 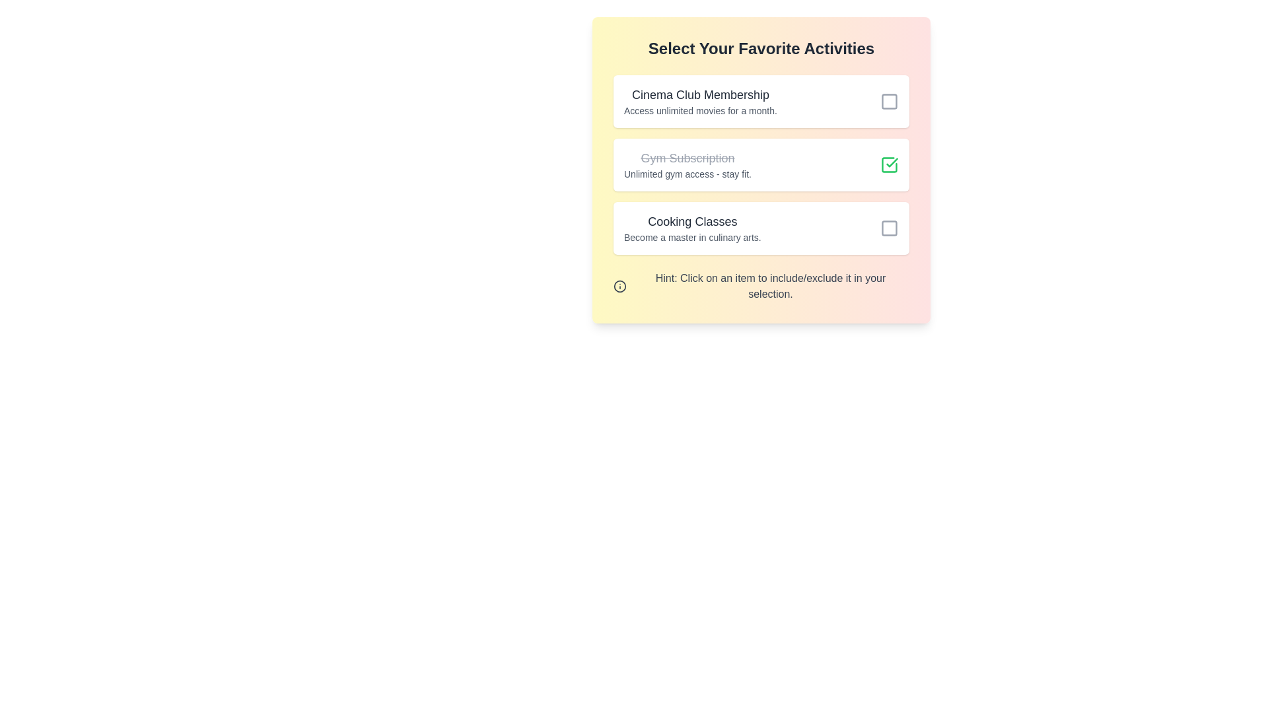 I want to click on the interactive button styled as a square icon, so click(x=890, y=228).